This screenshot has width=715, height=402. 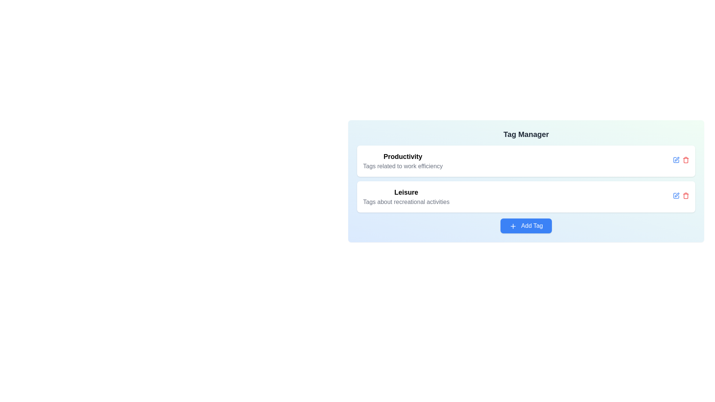 What do you see at coordinates (677, 194) in the screenshot?
I see `the small pen icon located to the right of the 'Leisure' tag entry, which is designed in a monochrome, stroke-based style within a square outline` at bounding box center [677, 194].